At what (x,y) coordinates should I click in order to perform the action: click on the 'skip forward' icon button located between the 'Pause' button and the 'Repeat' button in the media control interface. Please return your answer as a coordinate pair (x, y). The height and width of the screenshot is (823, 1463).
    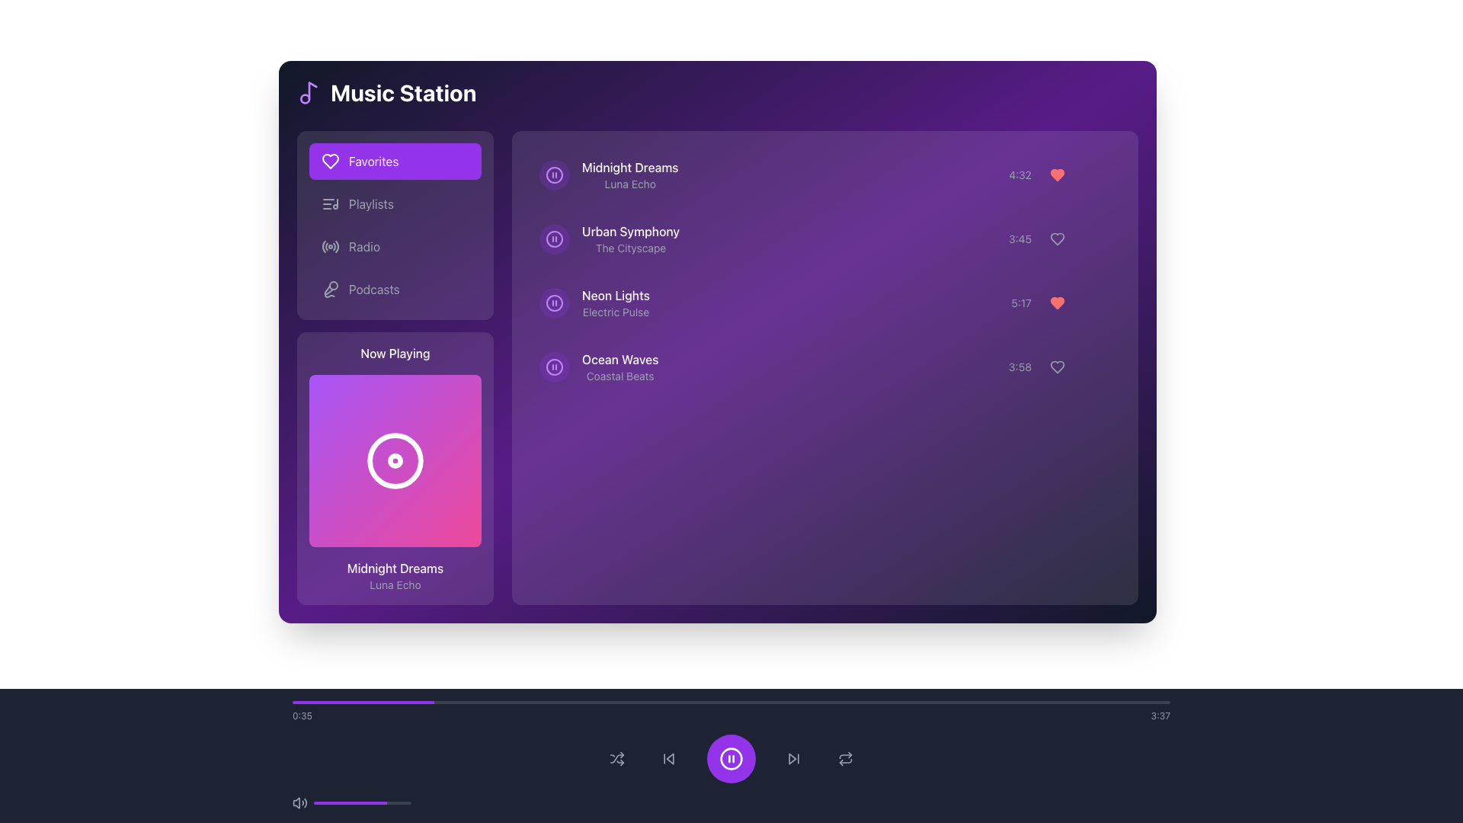
    Looking at the image, I should click on (792, 758).